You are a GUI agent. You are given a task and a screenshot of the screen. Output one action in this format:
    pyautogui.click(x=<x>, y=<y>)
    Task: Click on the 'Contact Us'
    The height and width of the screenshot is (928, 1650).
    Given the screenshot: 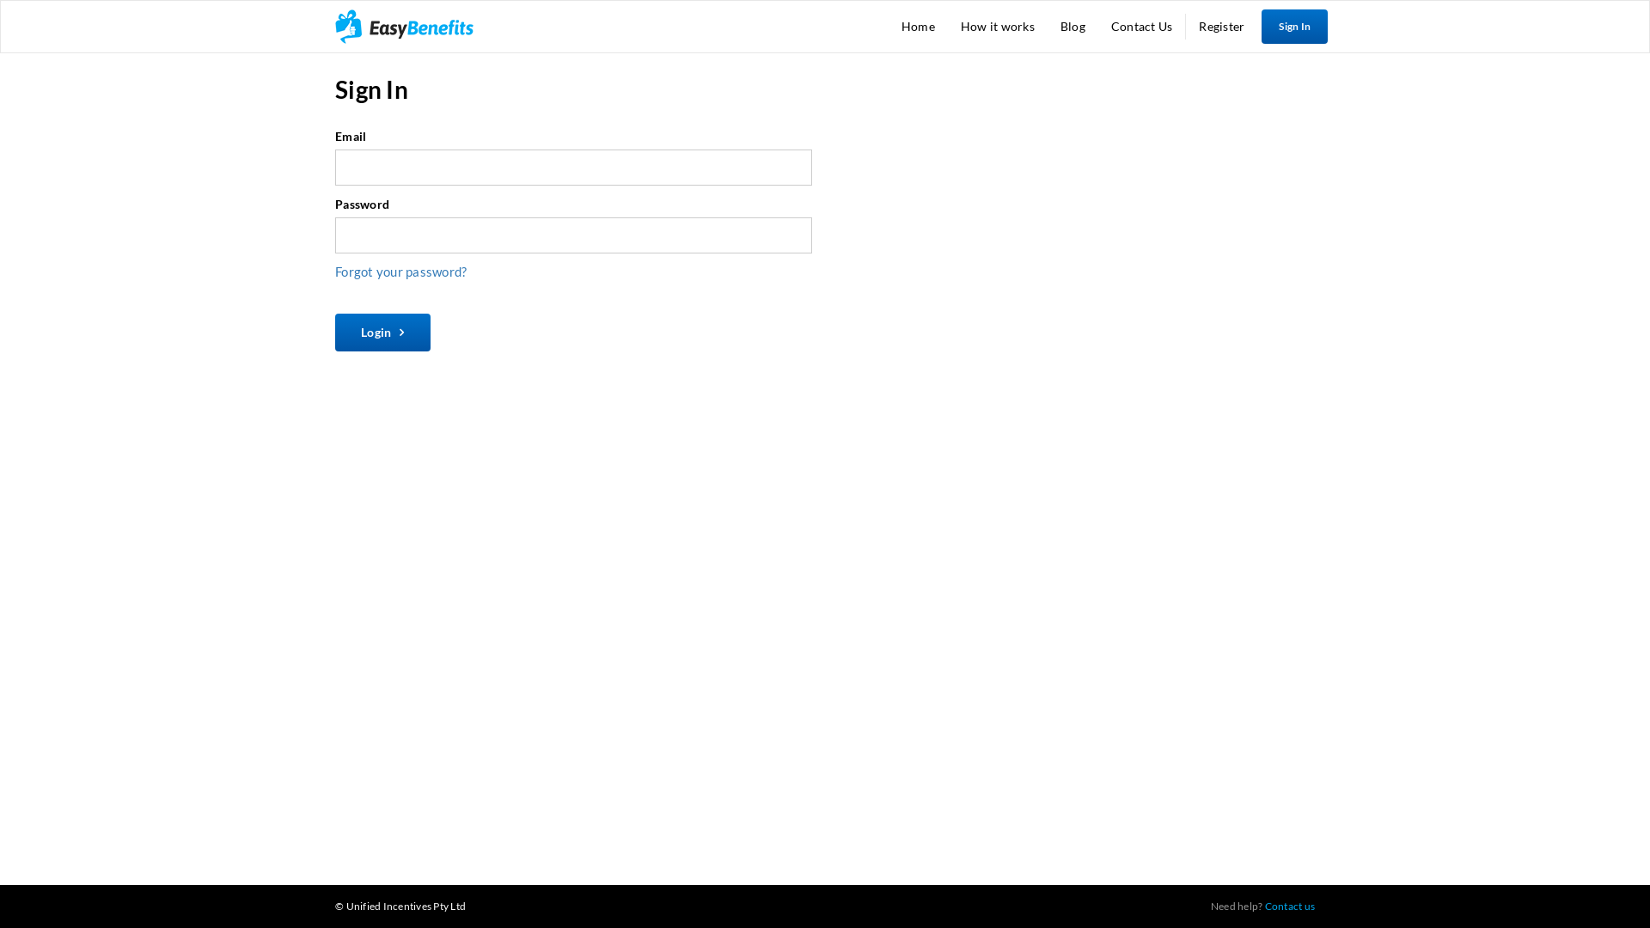 What is the action you would take?
    pyautogui.click(x=1142, y=26)
    